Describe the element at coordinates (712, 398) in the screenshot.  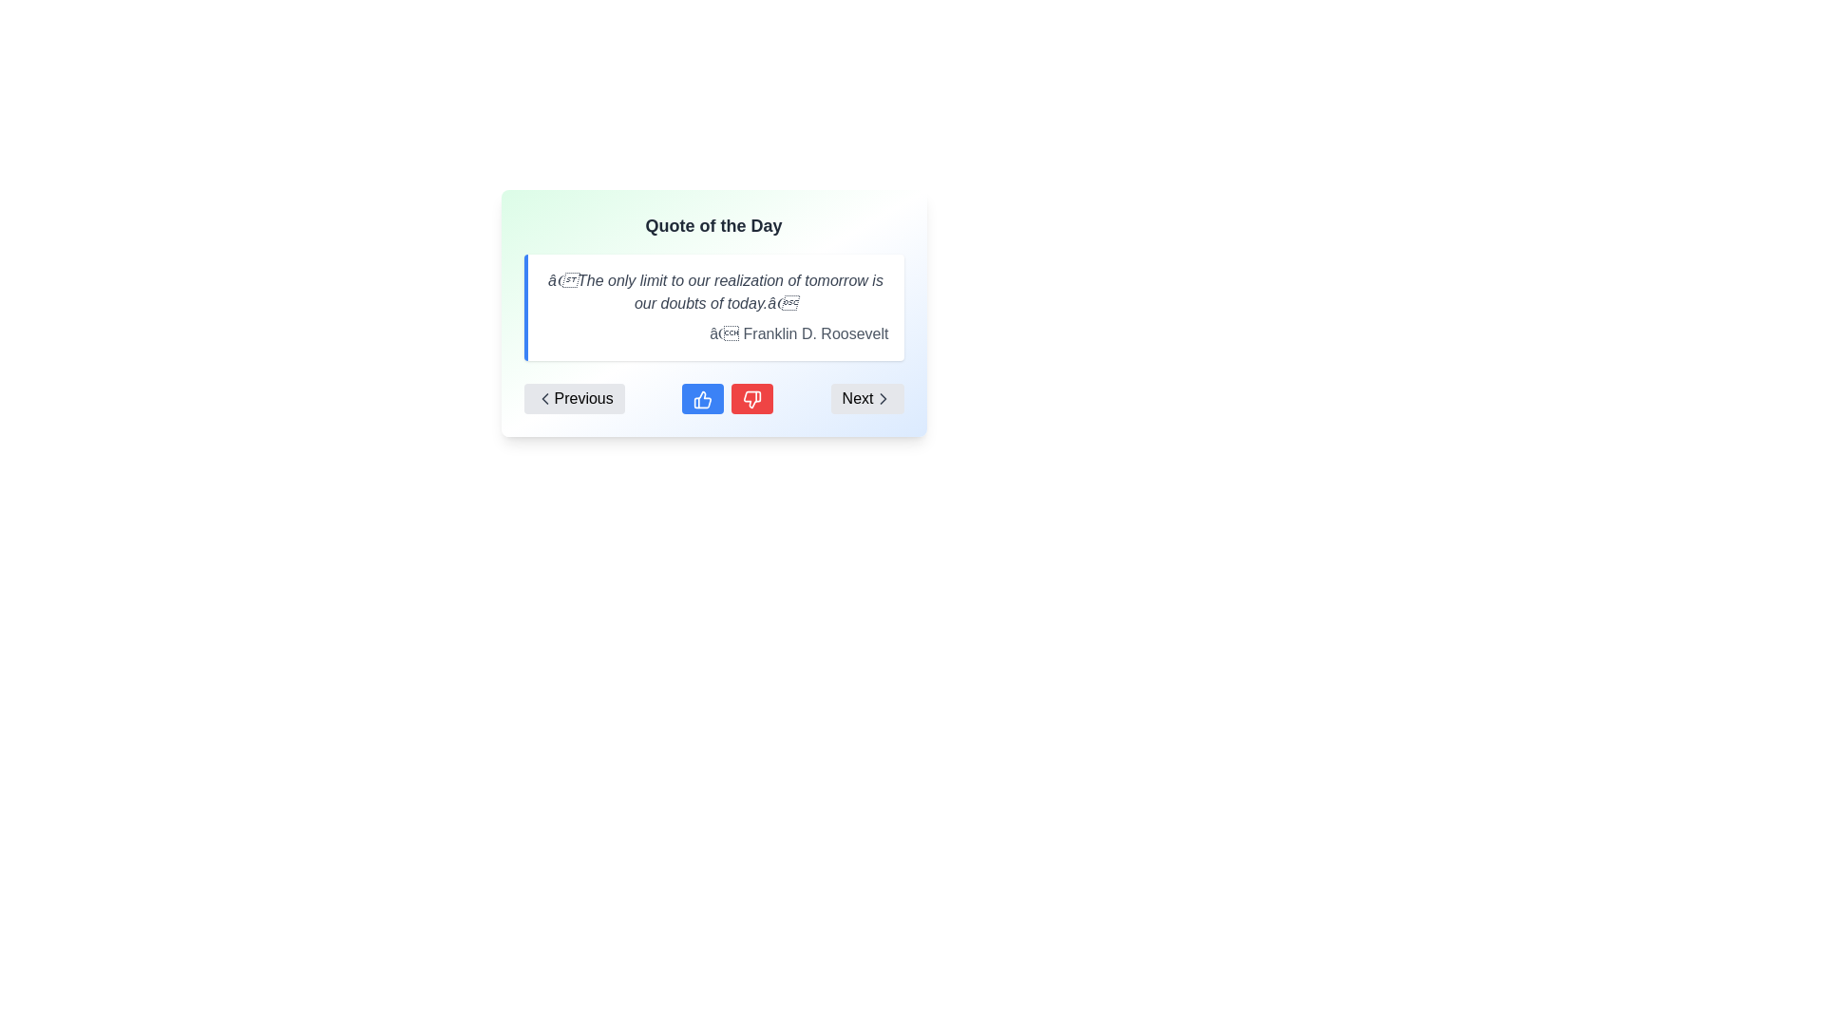
I see `the blue thumbs-up button, which is centered at the bottom of the 'Quote of the Day' card interface` at that location.